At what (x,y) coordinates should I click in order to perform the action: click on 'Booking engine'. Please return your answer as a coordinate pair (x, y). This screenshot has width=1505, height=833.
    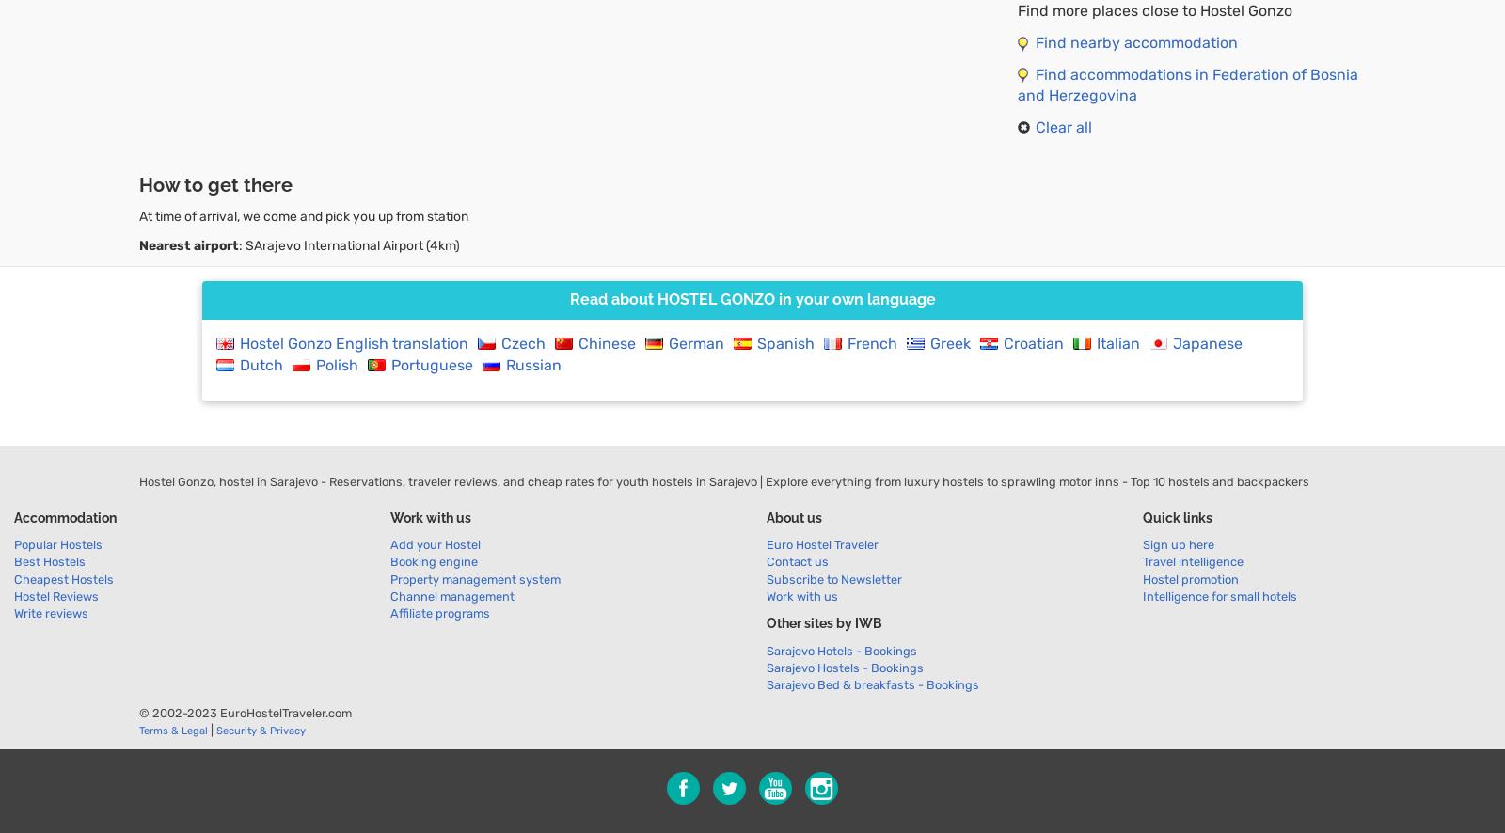
    Looking at the image, I should click on (433, 560).